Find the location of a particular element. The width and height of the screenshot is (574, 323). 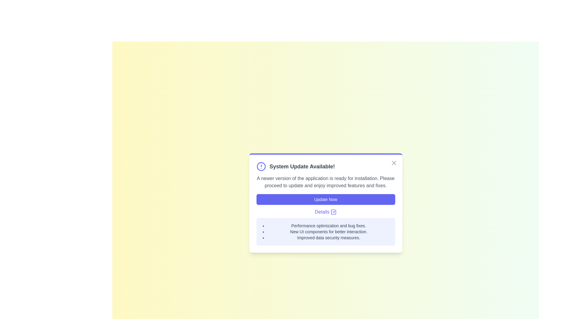

close button on the notification panel to close it is located at coordinates (394, 163).